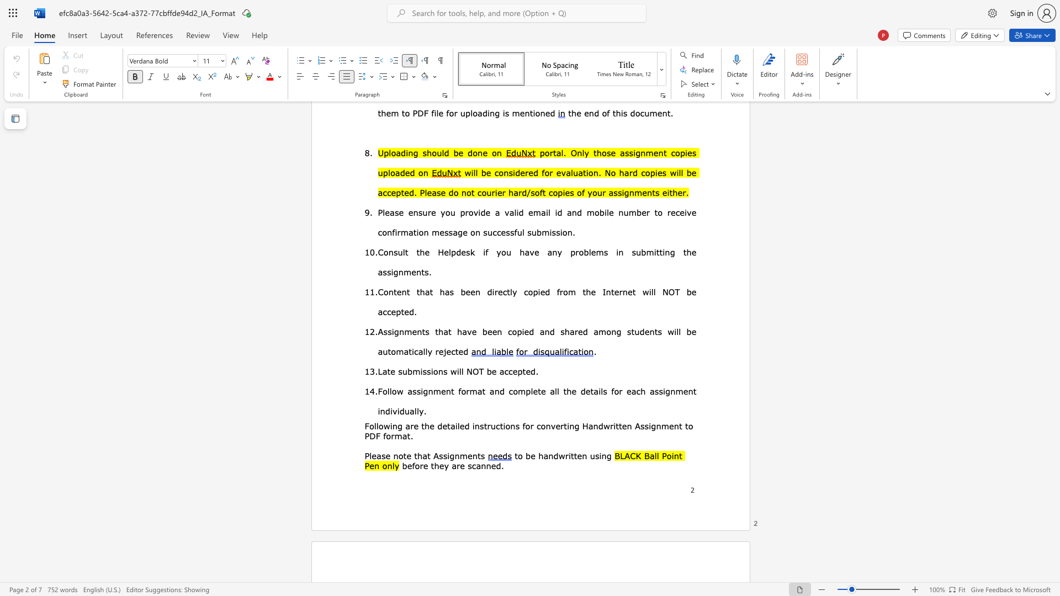 The width and height of the screenshot is (1060, 596). I want to click on the subset text "hared among stu" within the text "Assignments that have been copied and shared among students will be automatically rejected", so click(564, 331).